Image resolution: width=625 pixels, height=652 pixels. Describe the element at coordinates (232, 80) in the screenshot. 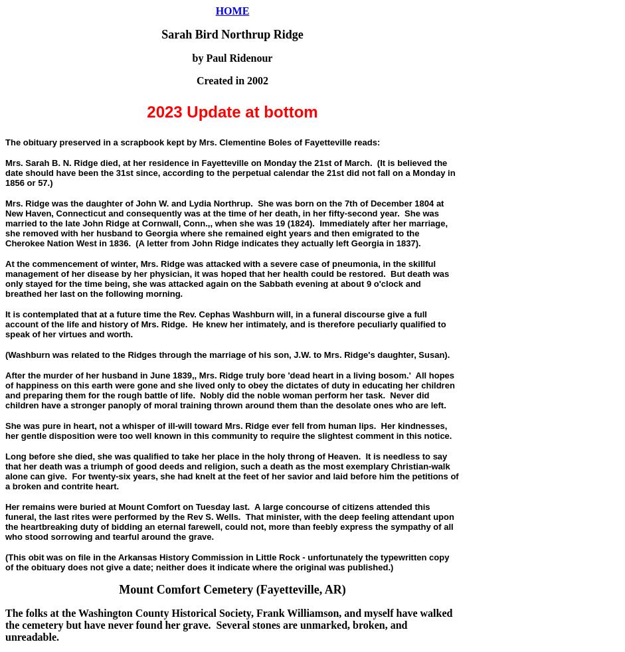

I see `'Created in 2002'` at that location.